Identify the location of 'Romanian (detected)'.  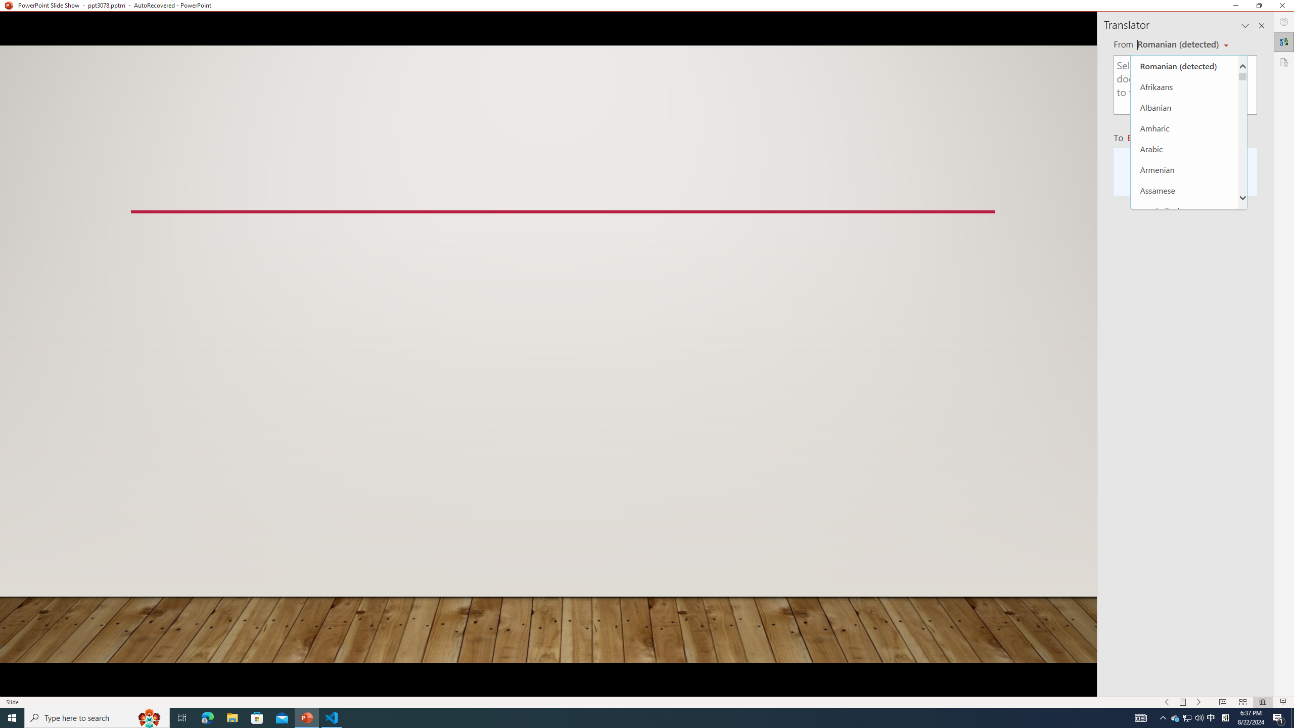
(1184, 66).